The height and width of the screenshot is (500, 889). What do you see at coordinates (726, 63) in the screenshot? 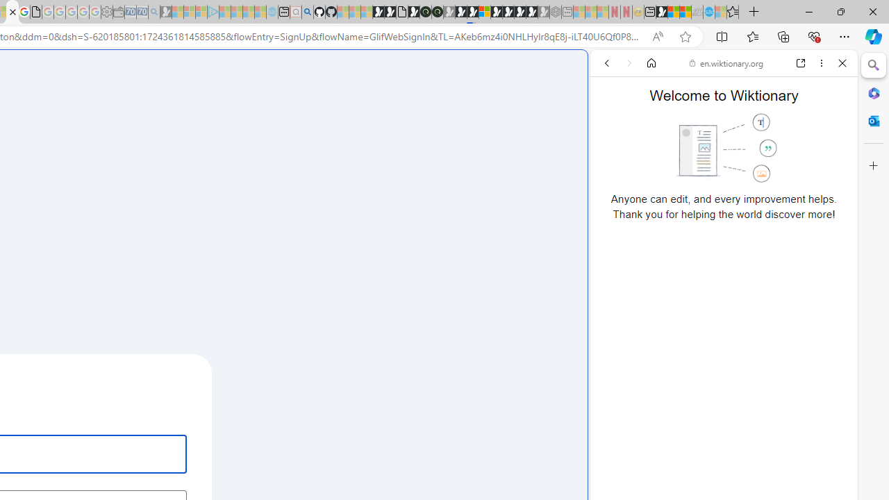
I see `'en.wiktionary.org'` at bounding box center [726, 63].